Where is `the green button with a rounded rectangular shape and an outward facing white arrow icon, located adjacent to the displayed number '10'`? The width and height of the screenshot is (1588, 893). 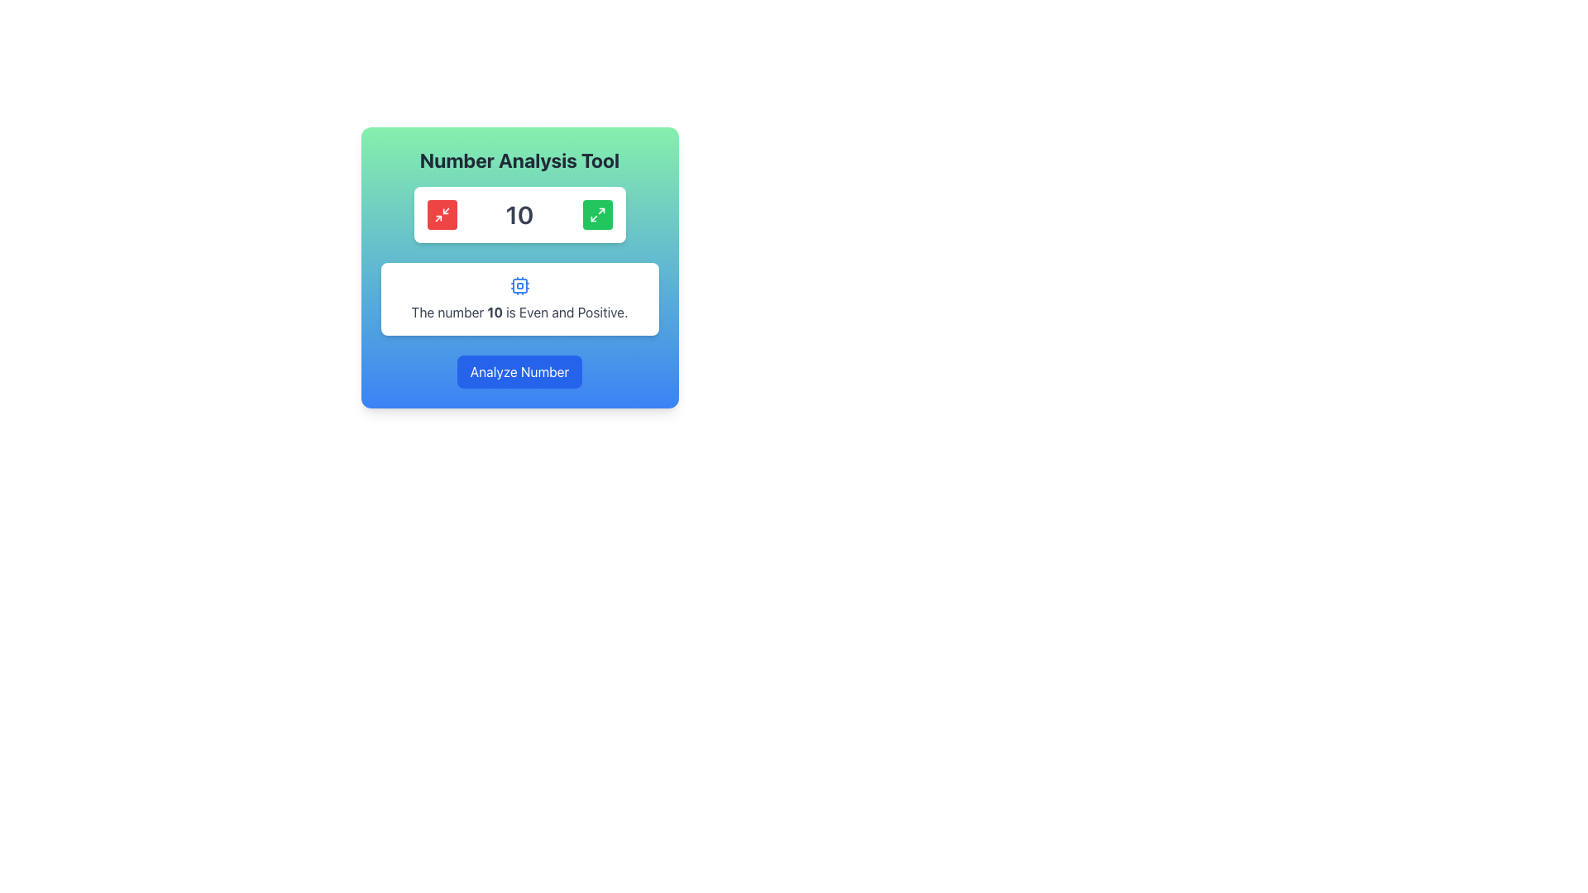
the green button with a rounded rectangular shape and an outward facing white arrow icon, located adjacent to the displayed number '10' is located at coordinates (596, 213).